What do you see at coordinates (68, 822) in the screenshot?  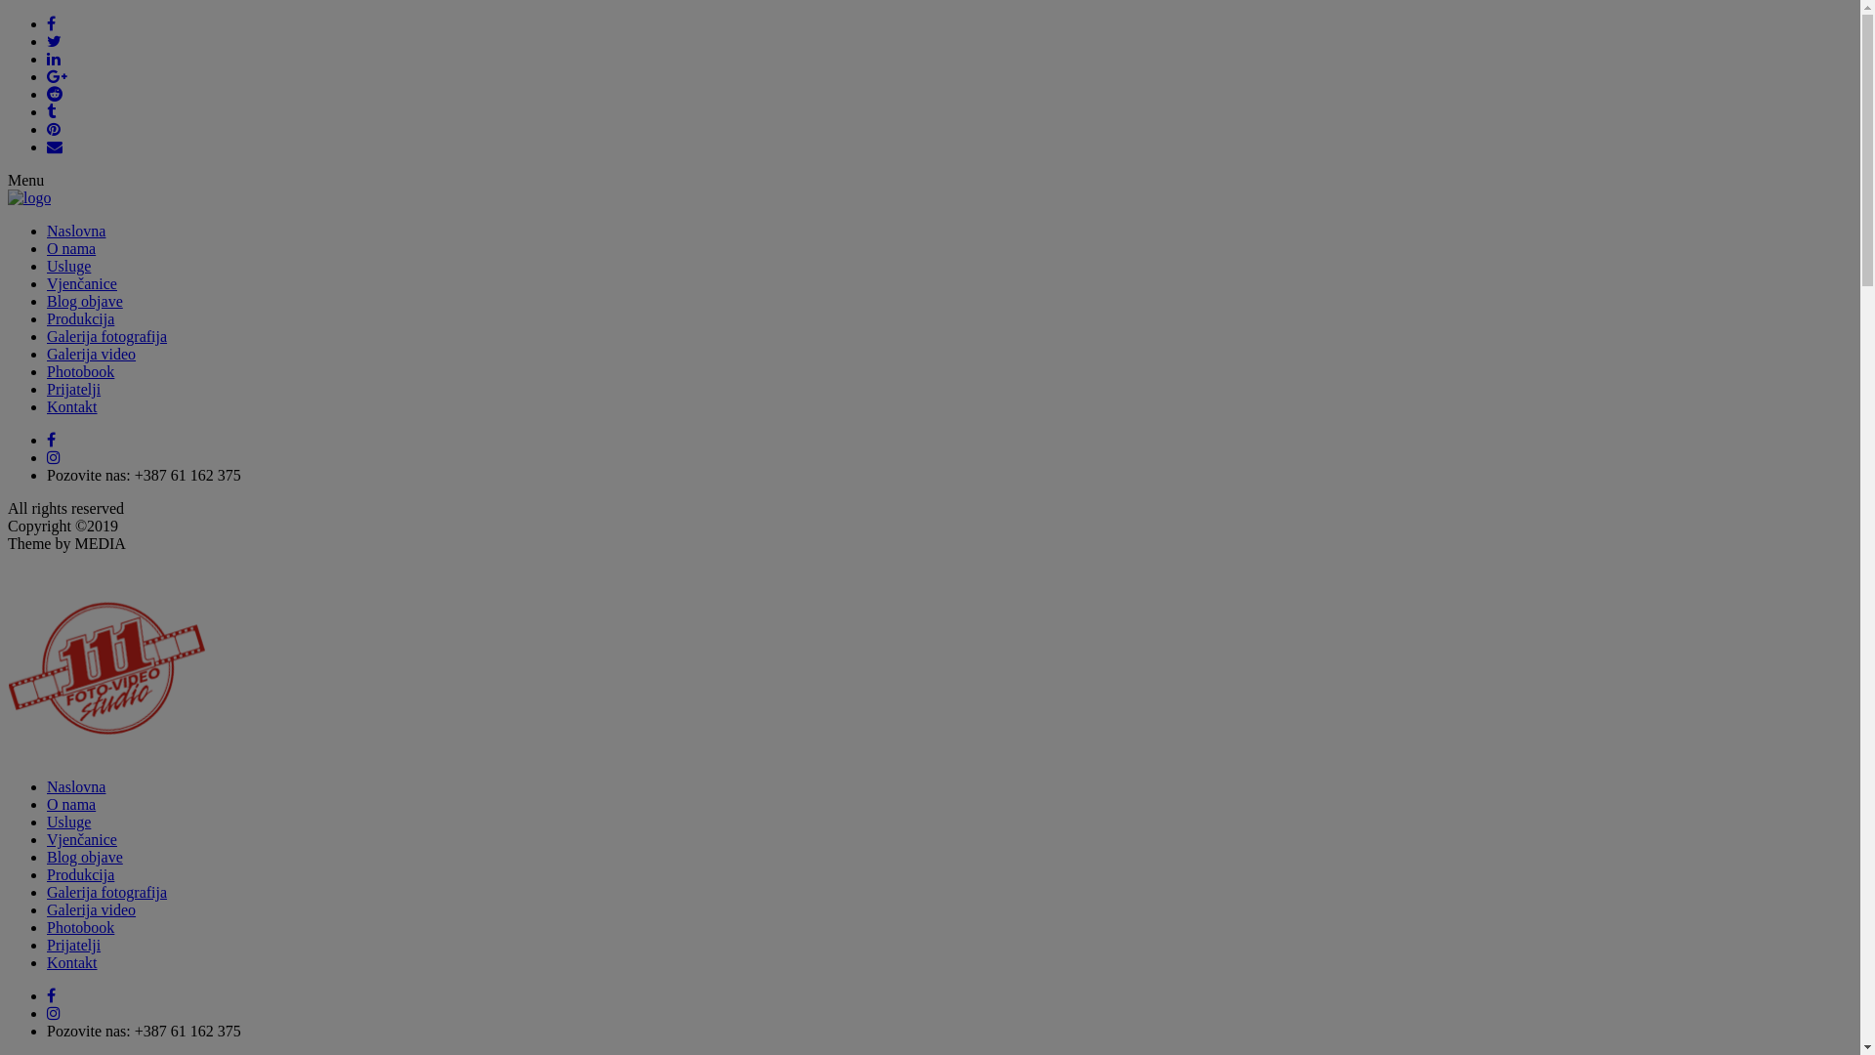 I see `'Usluge'` at bounding box center [68, 822].